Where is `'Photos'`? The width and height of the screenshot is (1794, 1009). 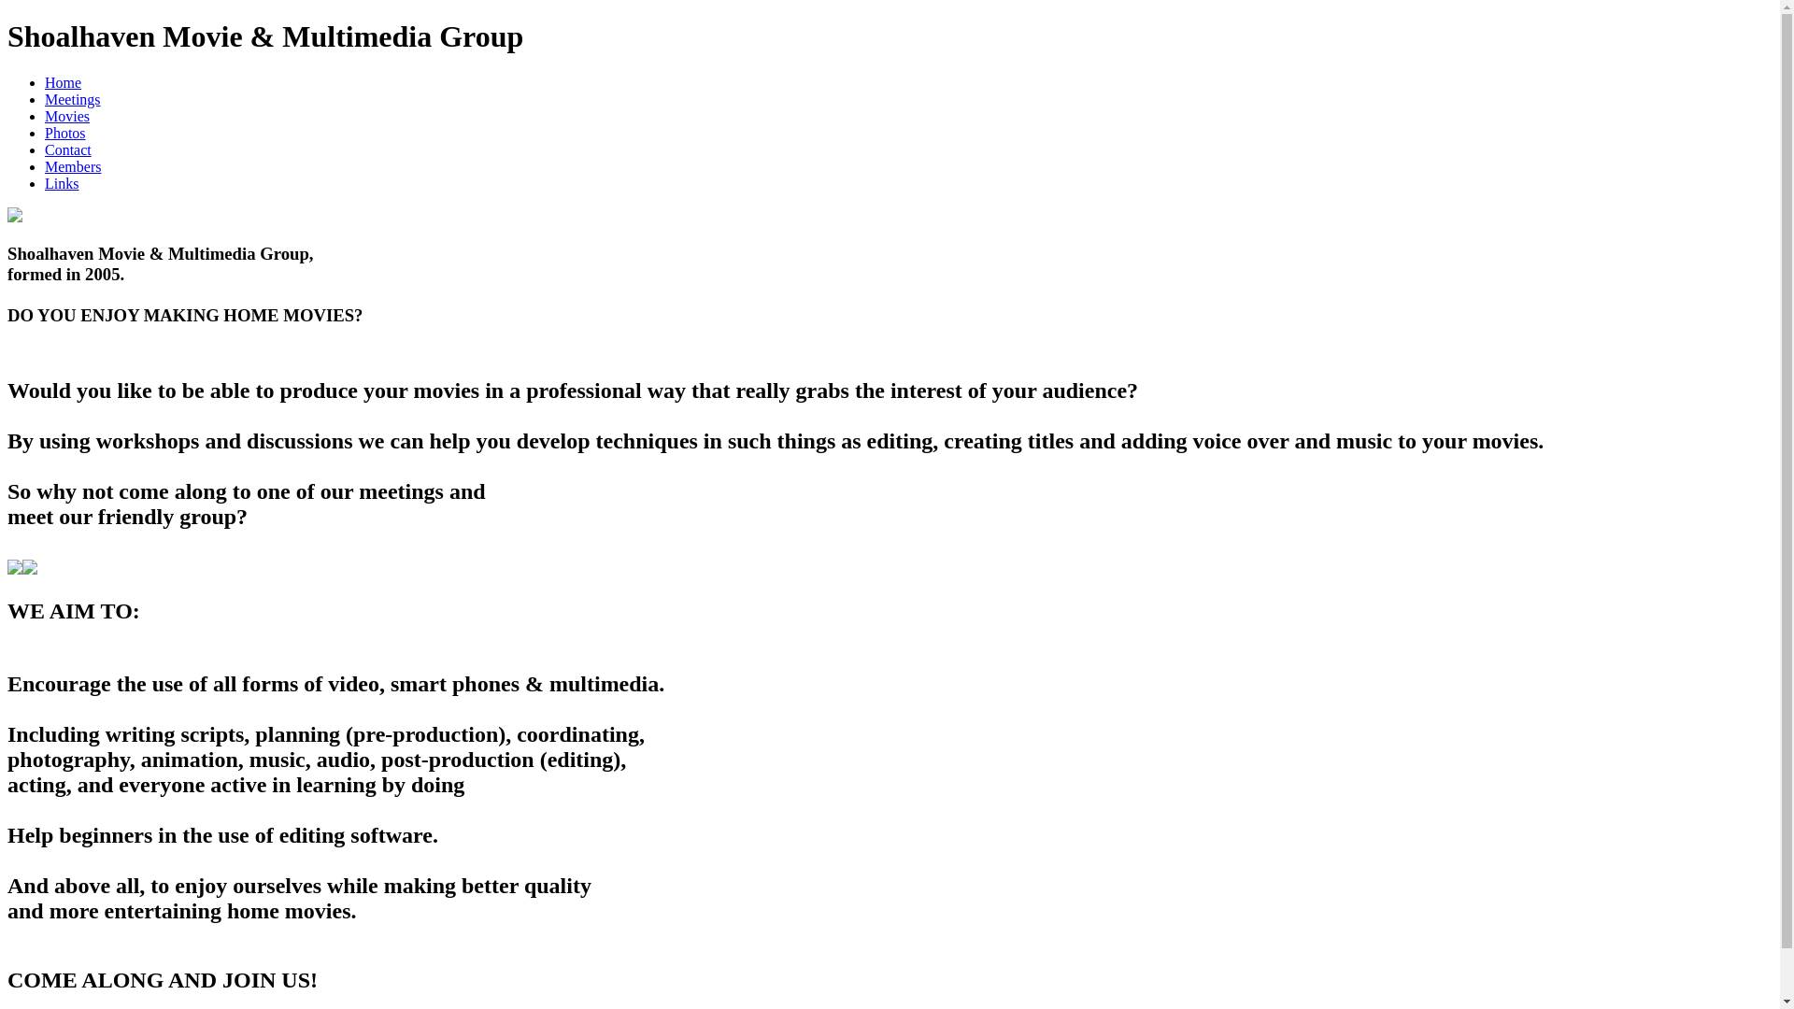 'Photos' is located at coordinates (65, 132).